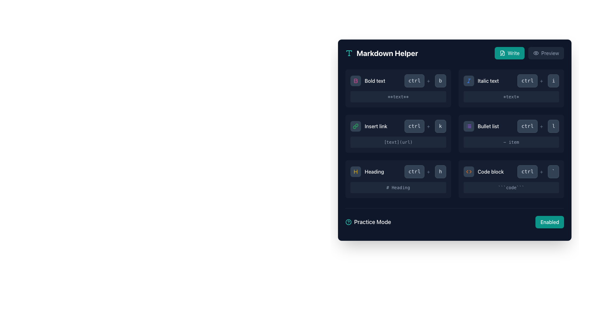  I want to click on the text display element that serves as a label for text formatting, located in the upper-right portion of the panel, next to a stylized italic symbol, so click(488, 80).